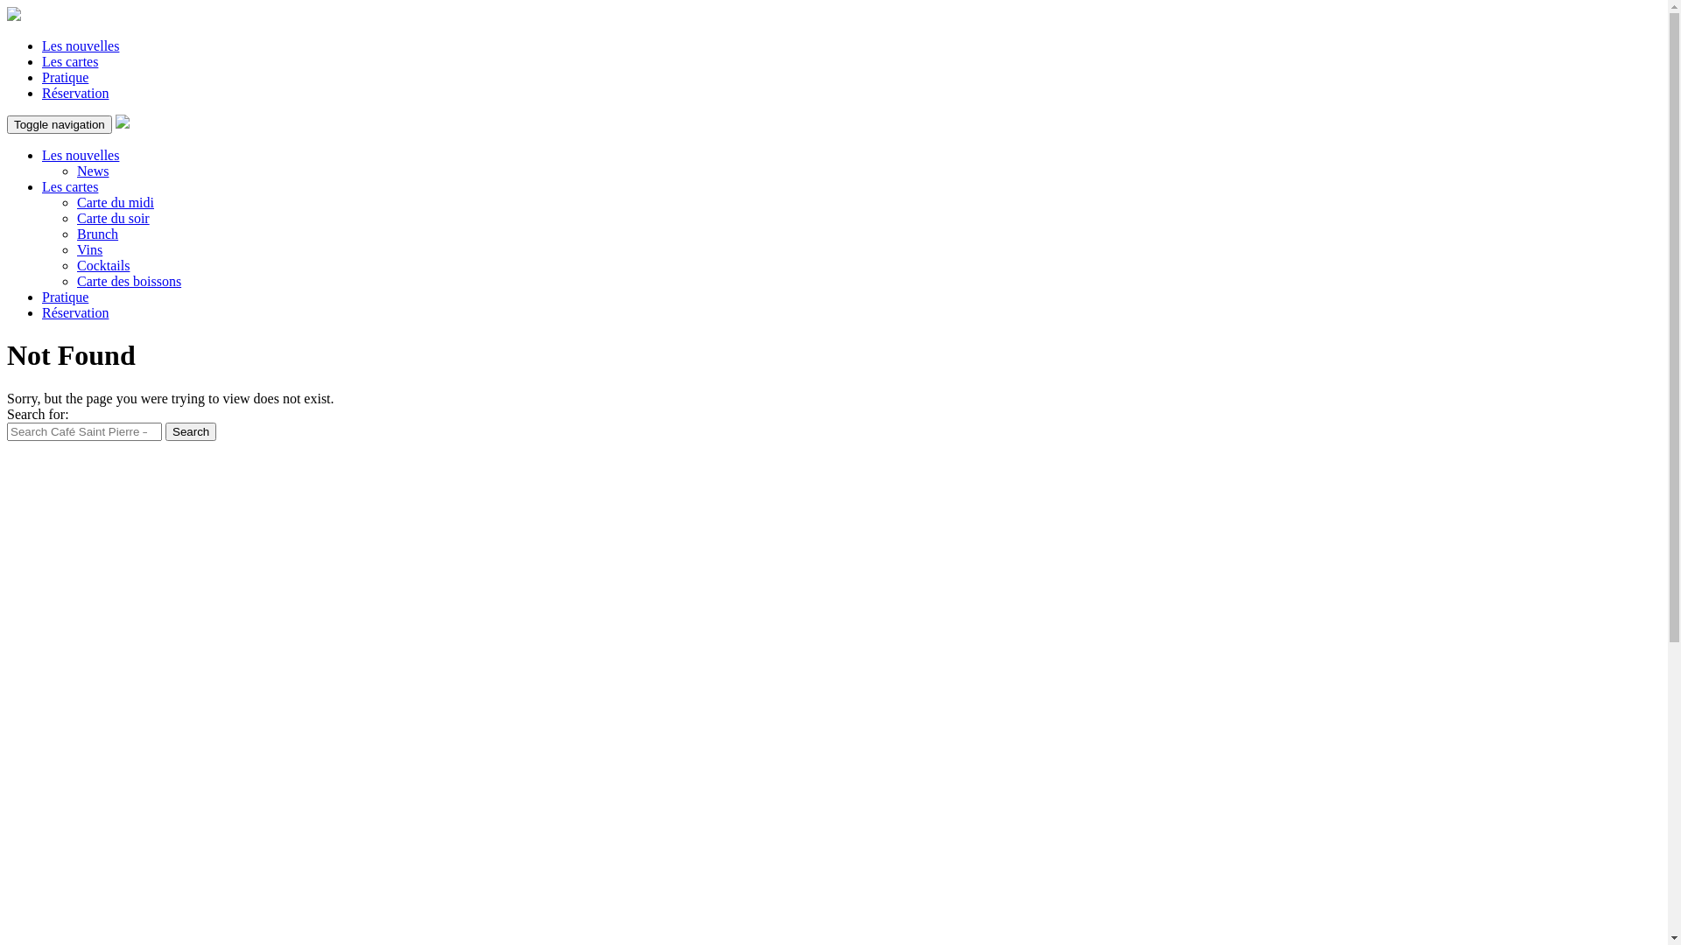  What do you see at coordinates (79, 154) in the screenshot?
I see `'Les nouvelles'` at bounding box center [79, 154].